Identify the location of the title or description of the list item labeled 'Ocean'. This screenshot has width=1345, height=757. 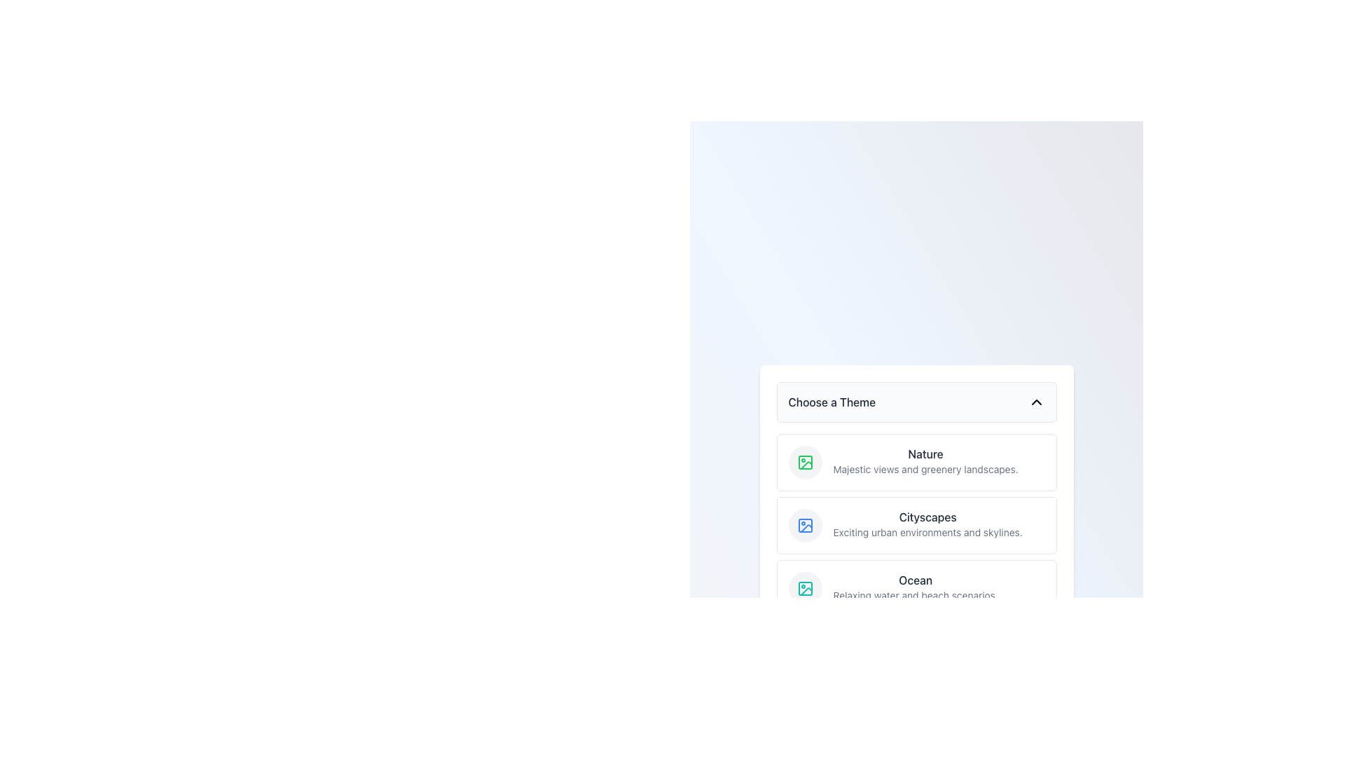
(916, 589).